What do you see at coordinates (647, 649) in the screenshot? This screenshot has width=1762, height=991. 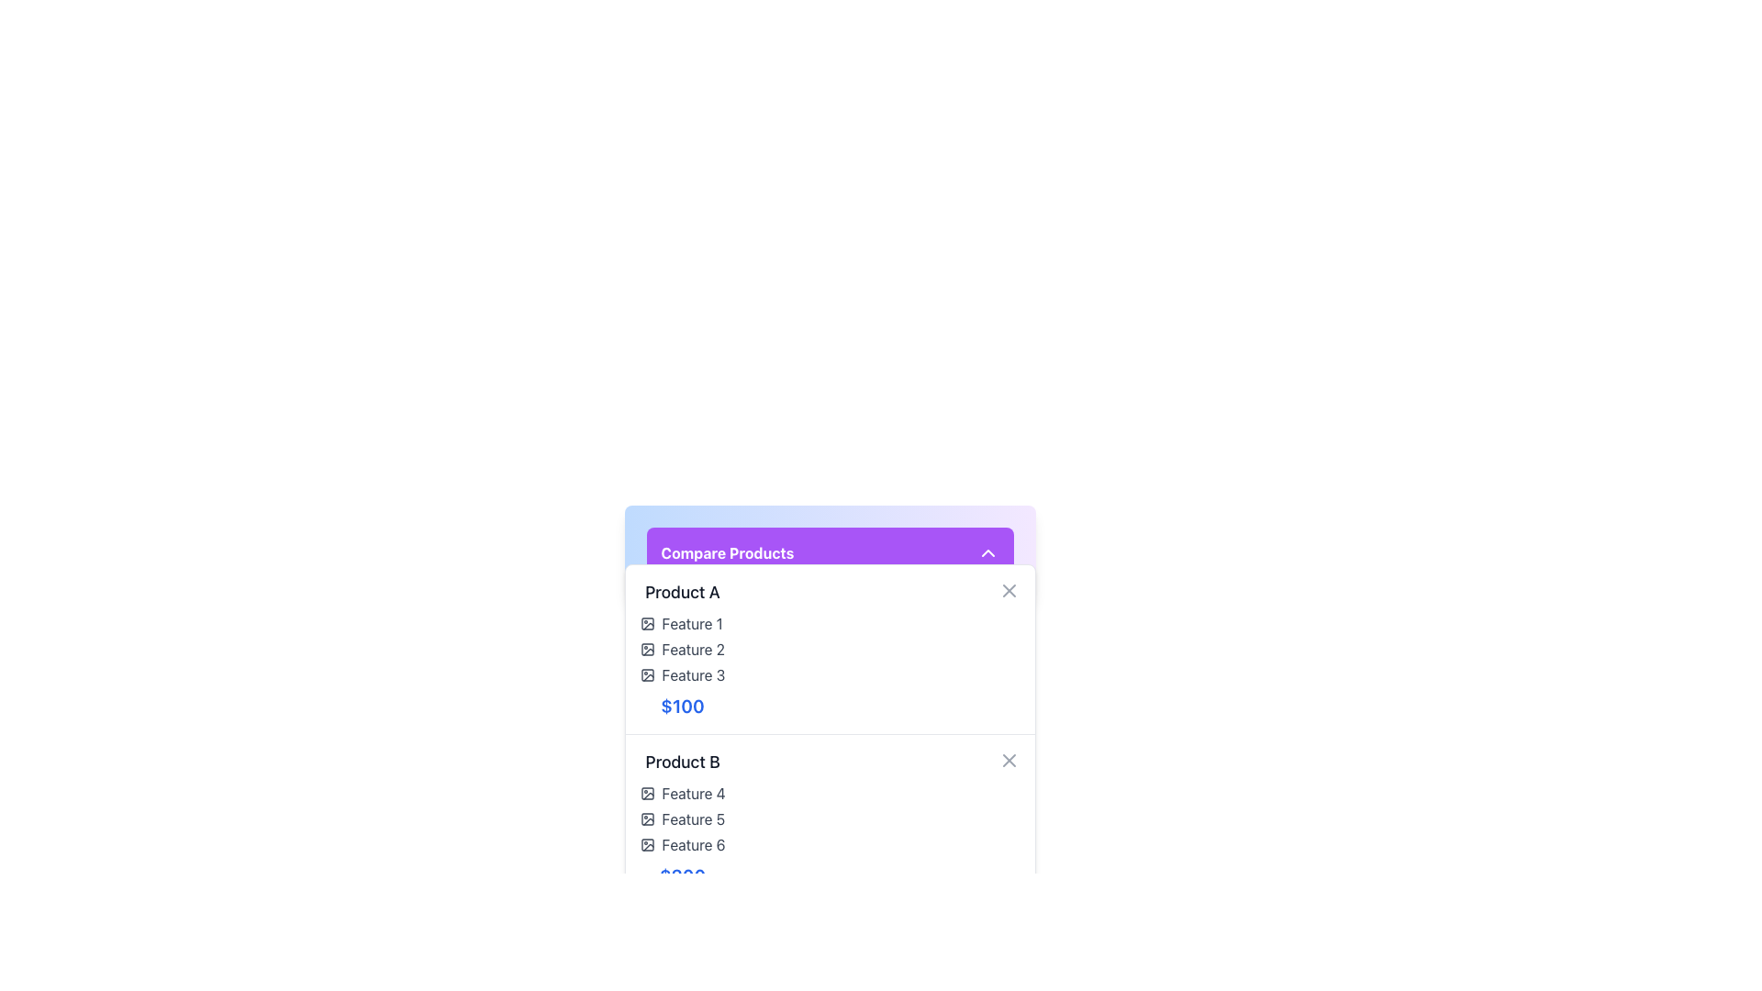 I see `the first icon` at bounding box center [647, 649].